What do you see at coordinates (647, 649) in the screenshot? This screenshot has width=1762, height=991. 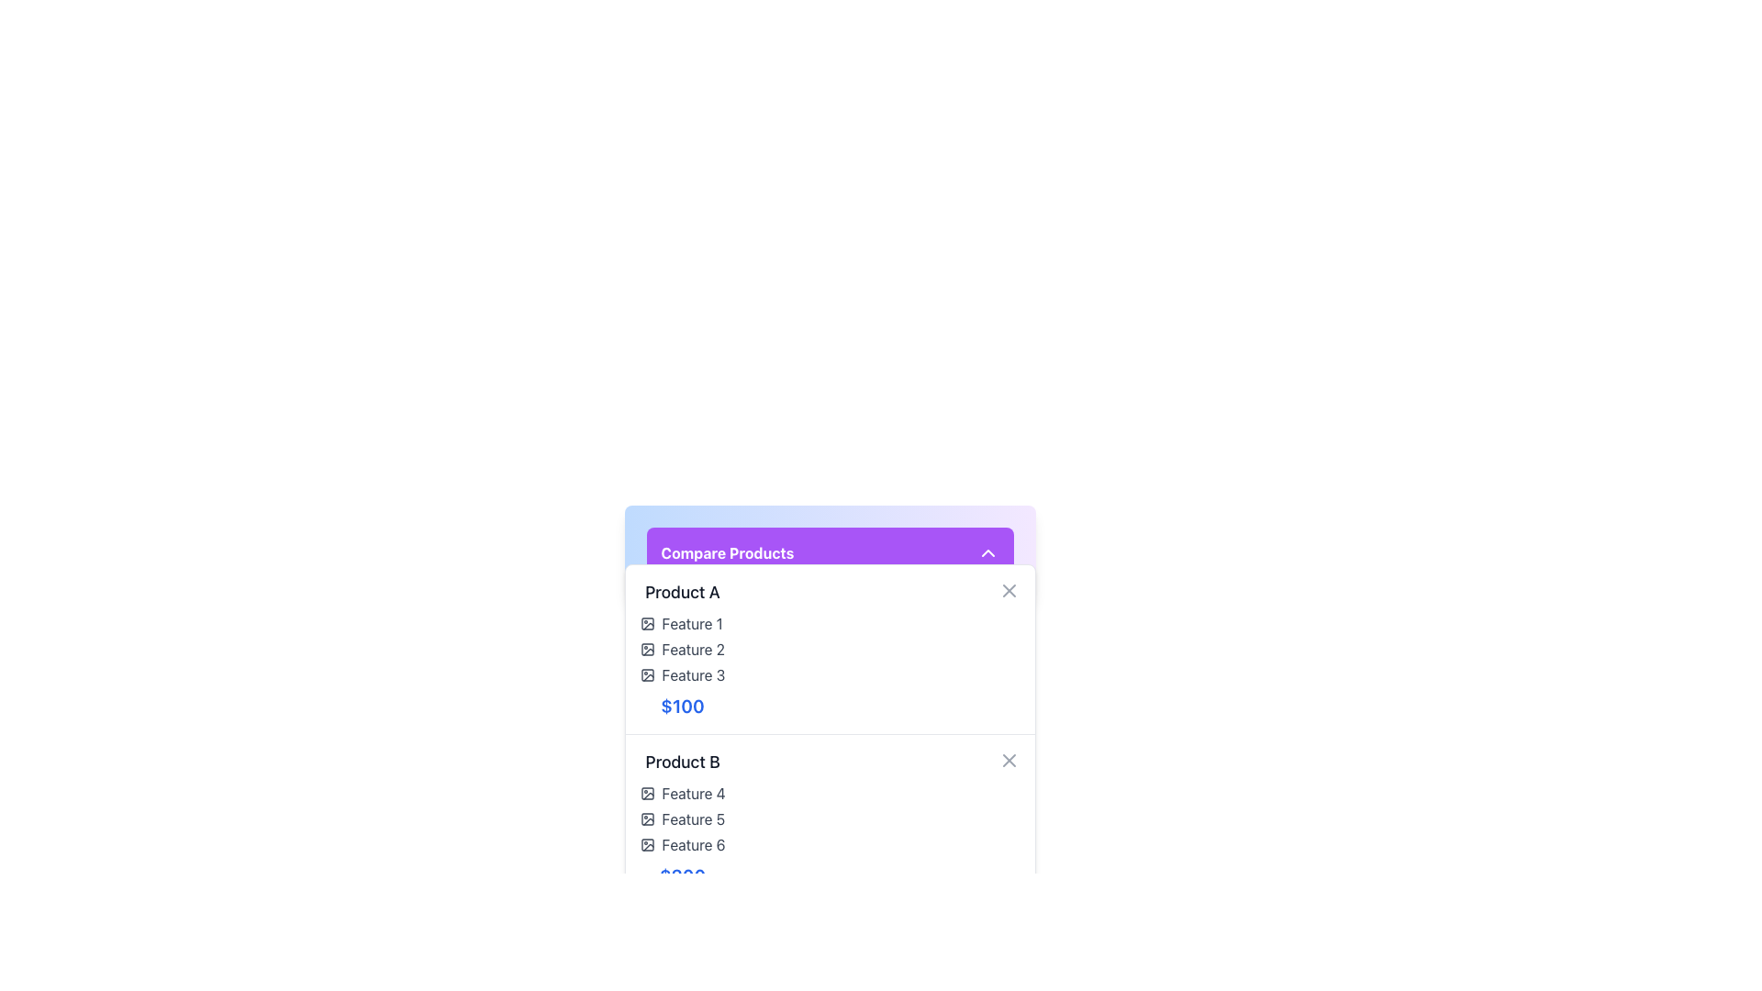 I see `the first icon` at bounding box center [647, 649].